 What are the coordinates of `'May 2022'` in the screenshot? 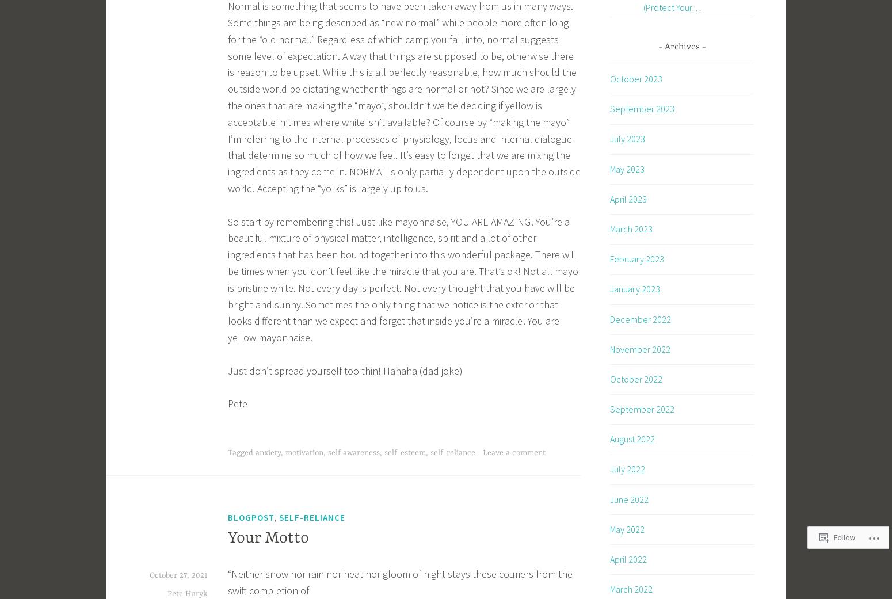 It's located at (626, 528).